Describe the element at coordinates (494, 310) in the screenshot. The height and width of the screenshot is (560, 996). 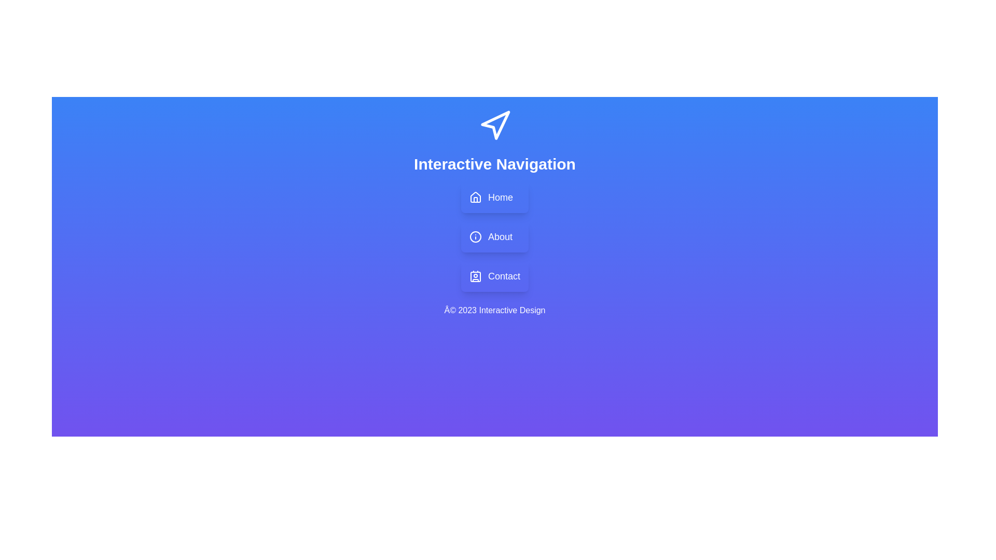
I see `the text label displaying '© 2023 Interactive Design', which is styled with white text on a gradient background, located at the bottom-center of the interface` at that location.